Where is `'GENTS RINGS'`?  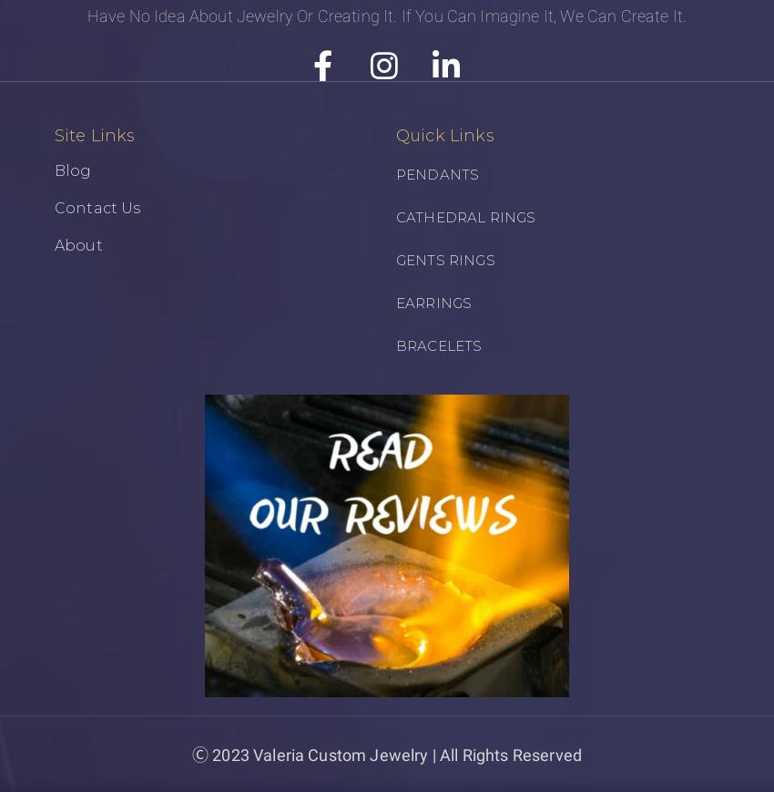 'GENTS RINGS' is located at coordinates (445, 258).